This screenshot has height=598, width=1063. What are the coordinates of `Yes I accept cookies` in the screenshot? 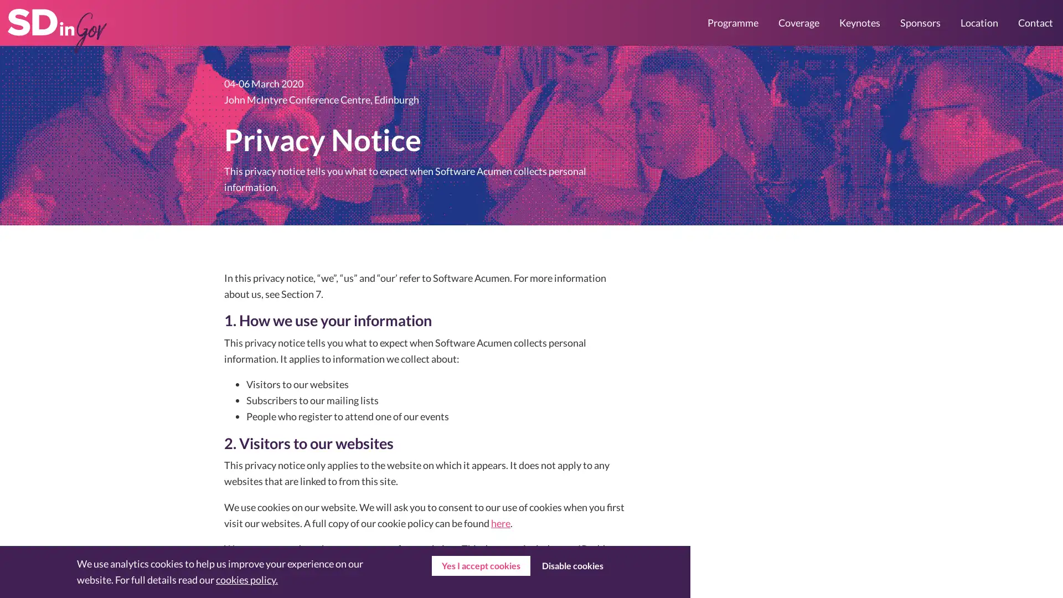 It's located at (481, 566).